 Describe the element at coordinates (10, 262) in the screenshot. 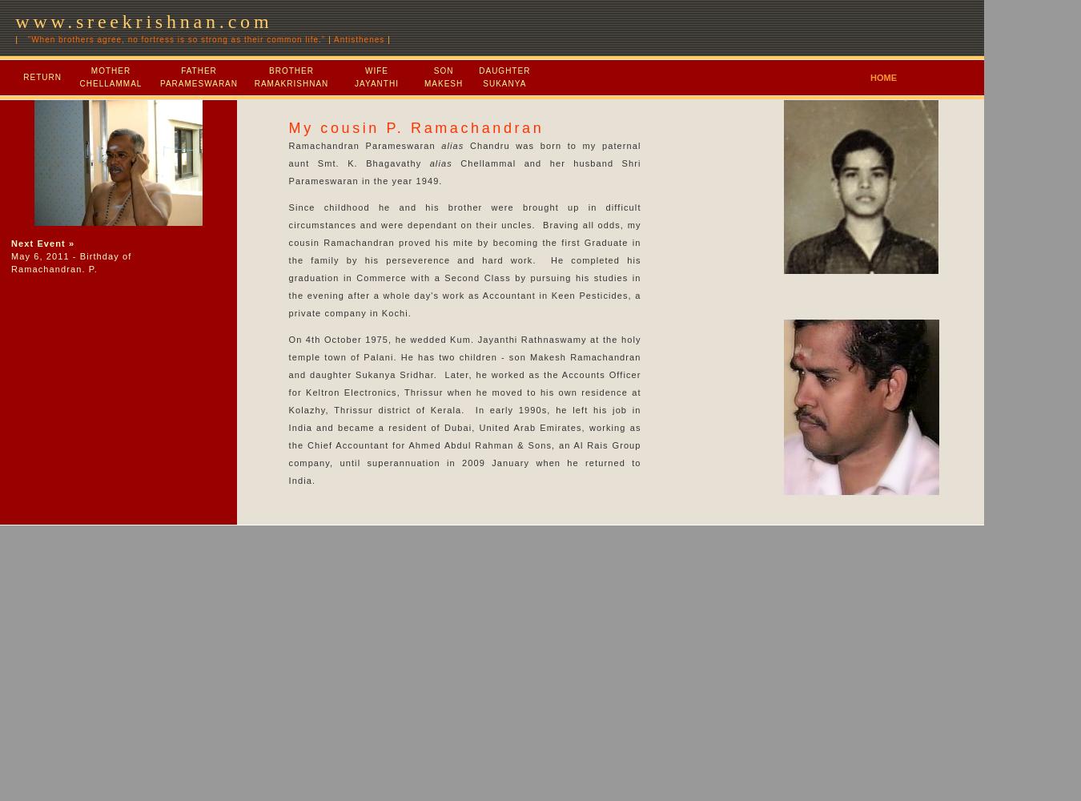

I see `'May 6, 2011 - Birthday of Ramachandran. P.'` at that location.